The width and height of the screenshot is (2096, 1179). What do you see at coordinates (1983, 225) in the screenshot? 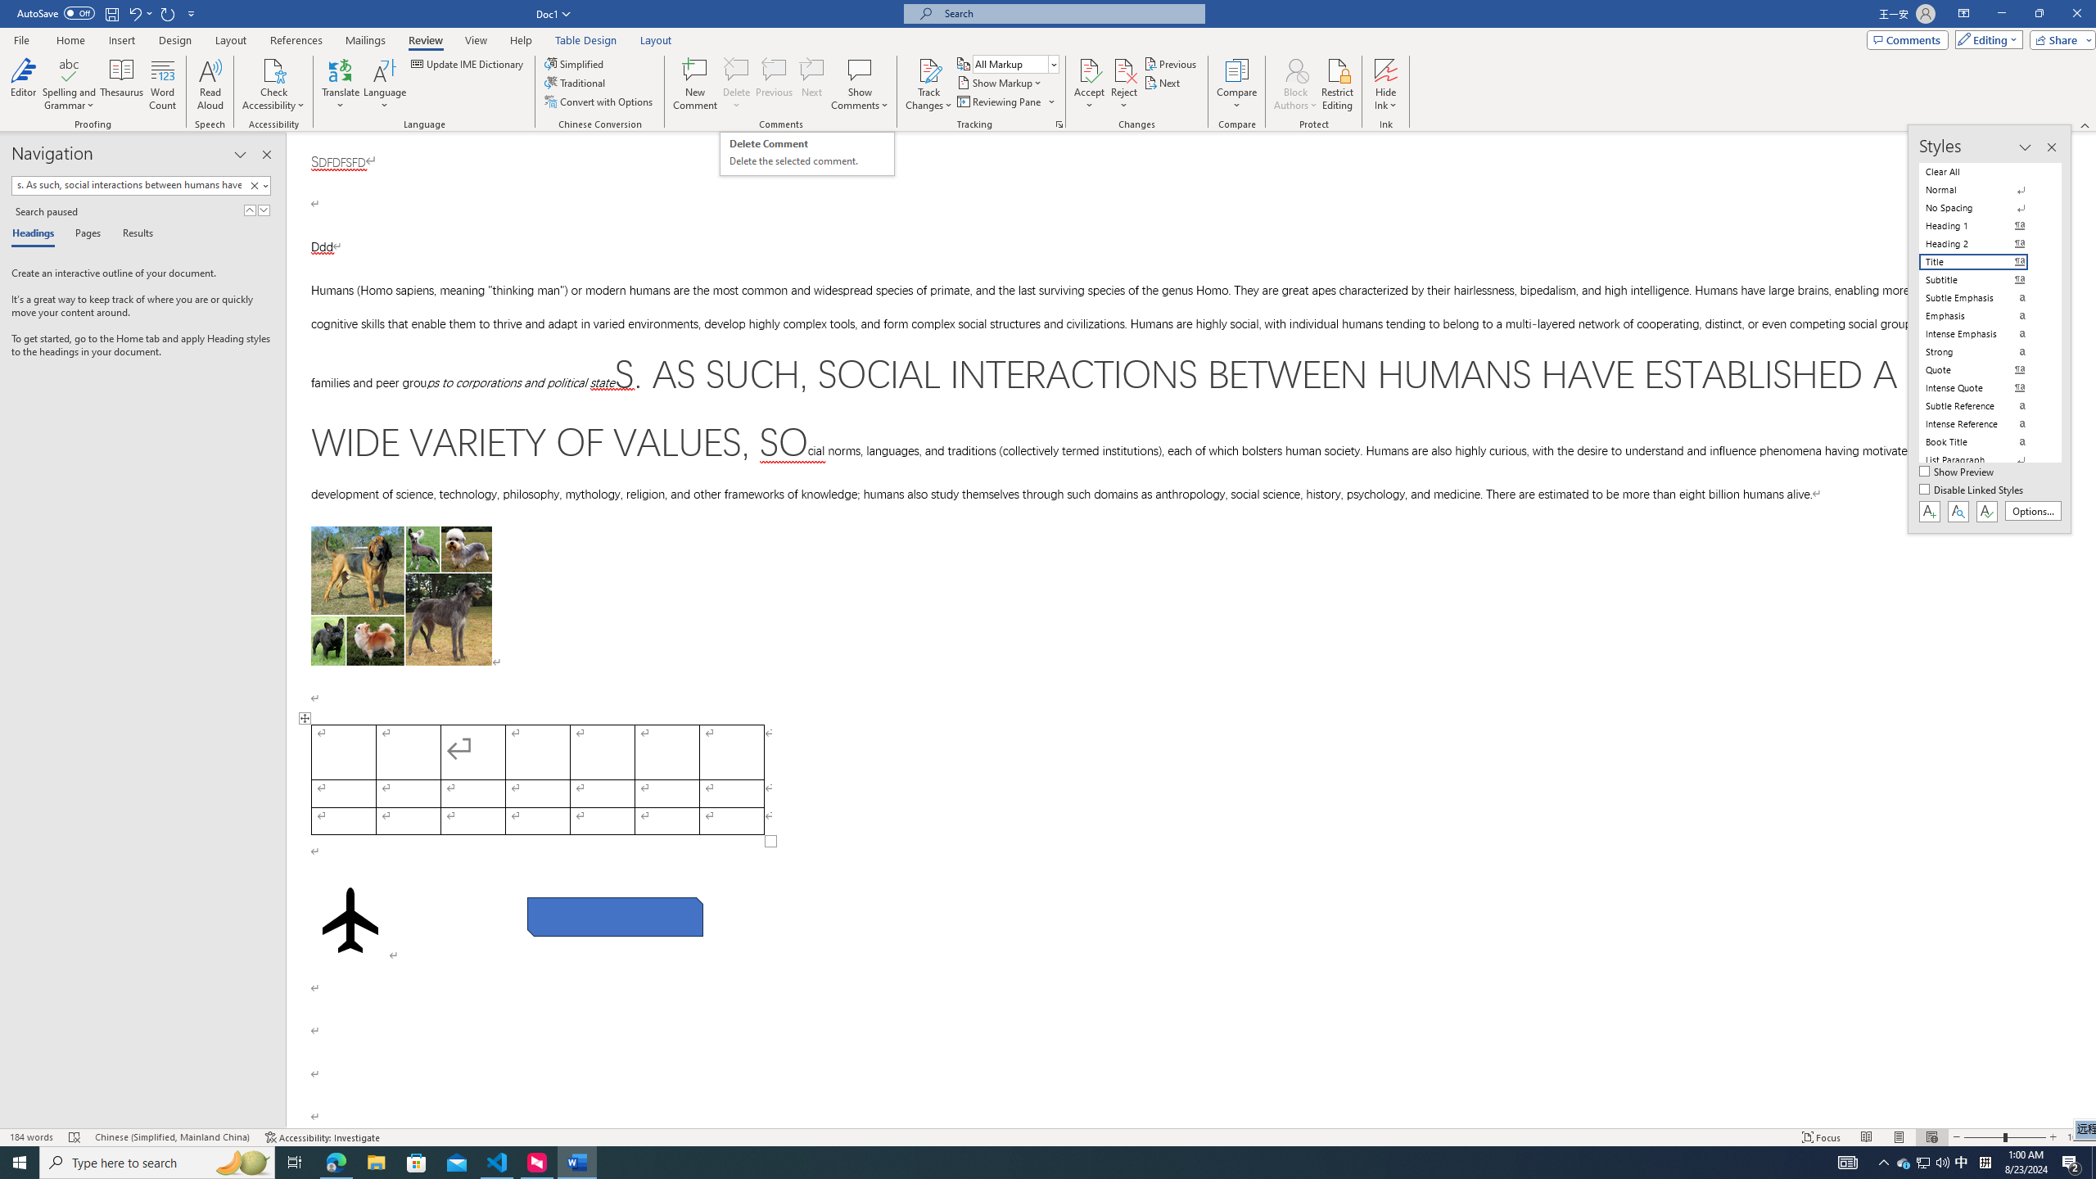
I see `'Heading 1'` at bounding box center [1983, 225].